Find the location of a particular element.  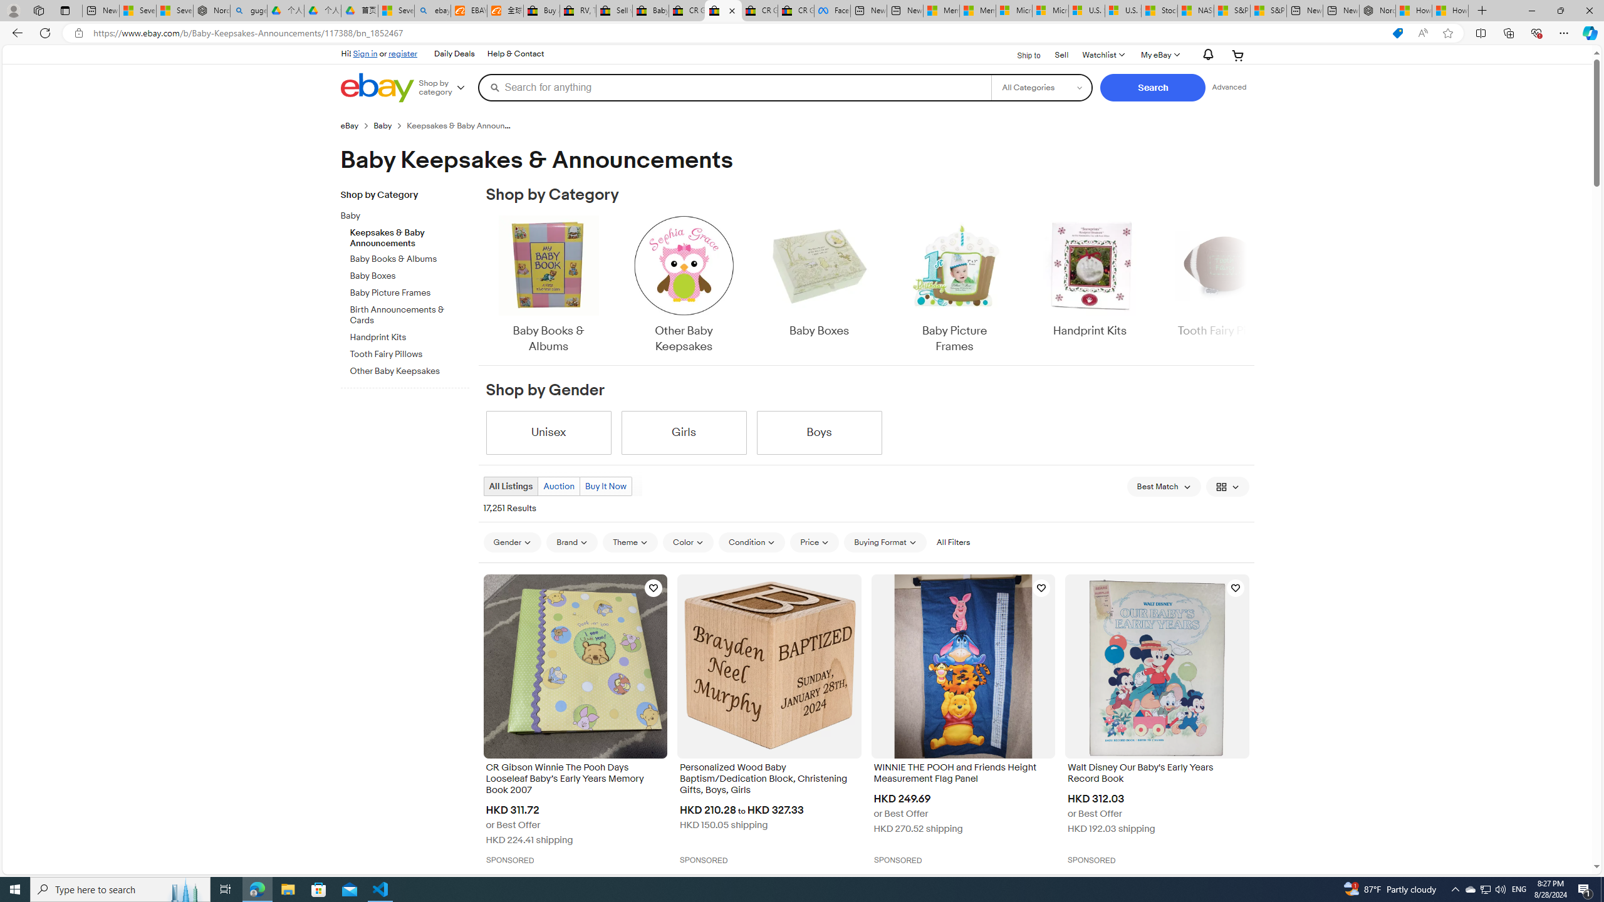

'Your shopping cart' is located at coordinates (1238, 54).